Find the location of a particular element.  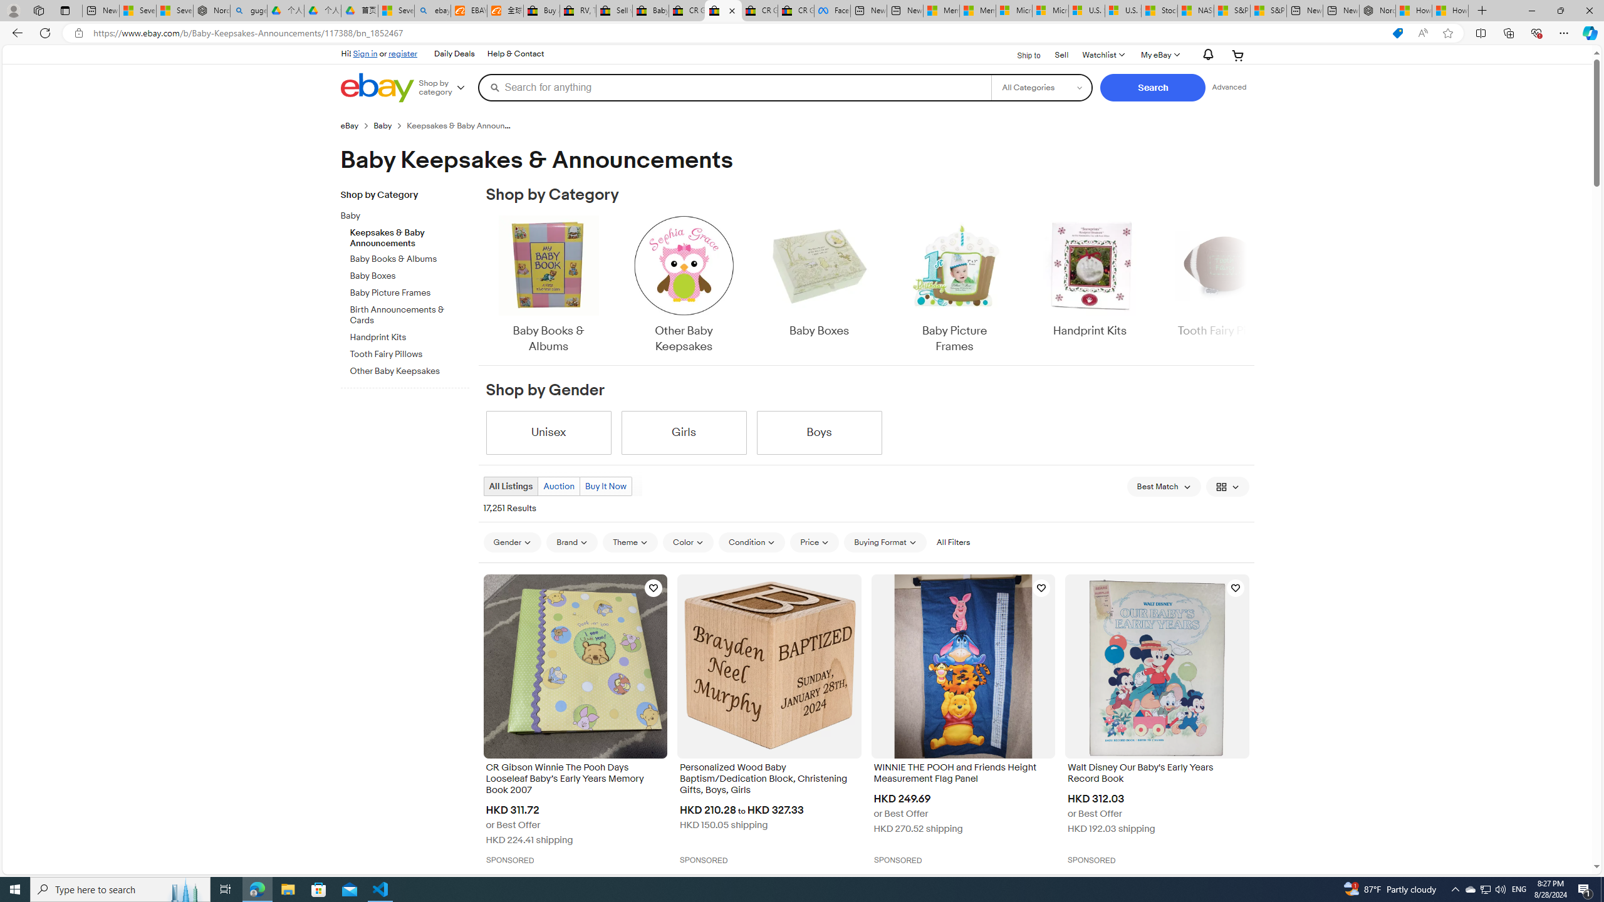

'Your shopping cart' is located at coordinates (1238, 54).